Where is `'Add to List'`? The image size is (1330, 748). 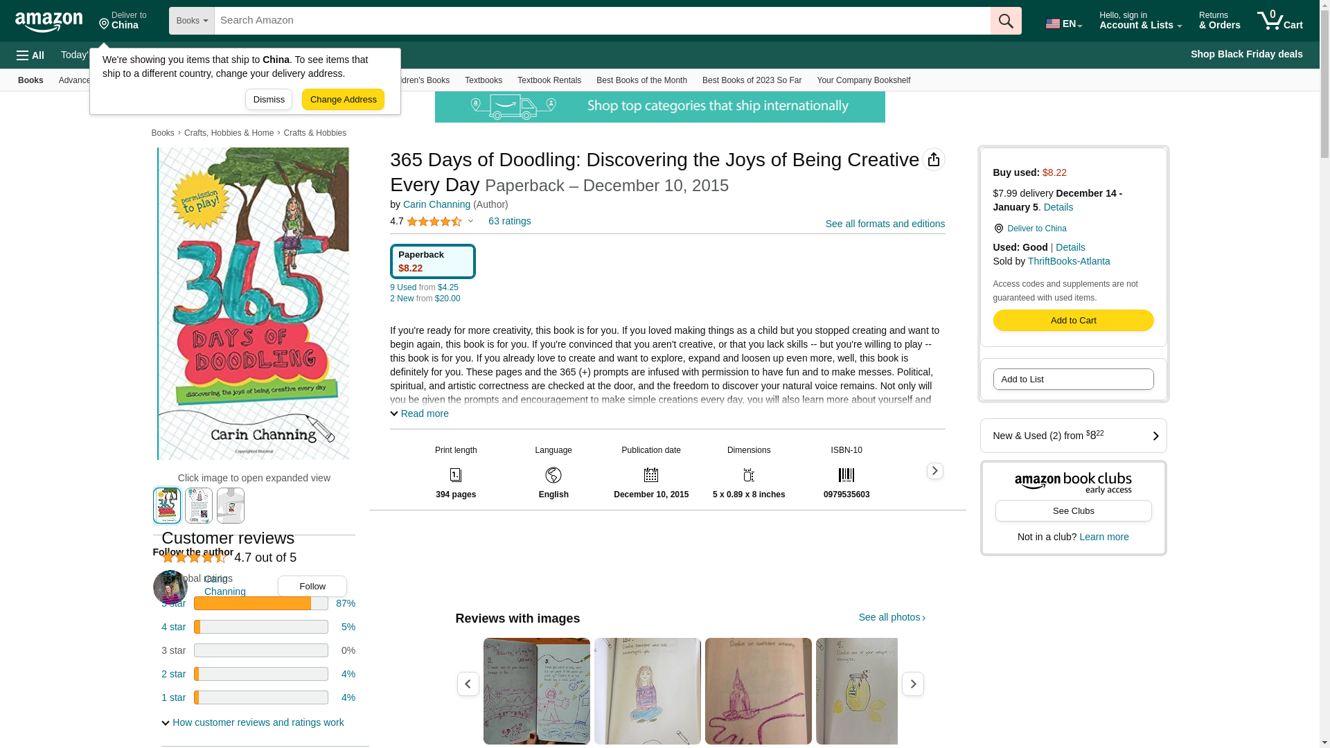
'Add to List' is located at coordinates (1072, 379).